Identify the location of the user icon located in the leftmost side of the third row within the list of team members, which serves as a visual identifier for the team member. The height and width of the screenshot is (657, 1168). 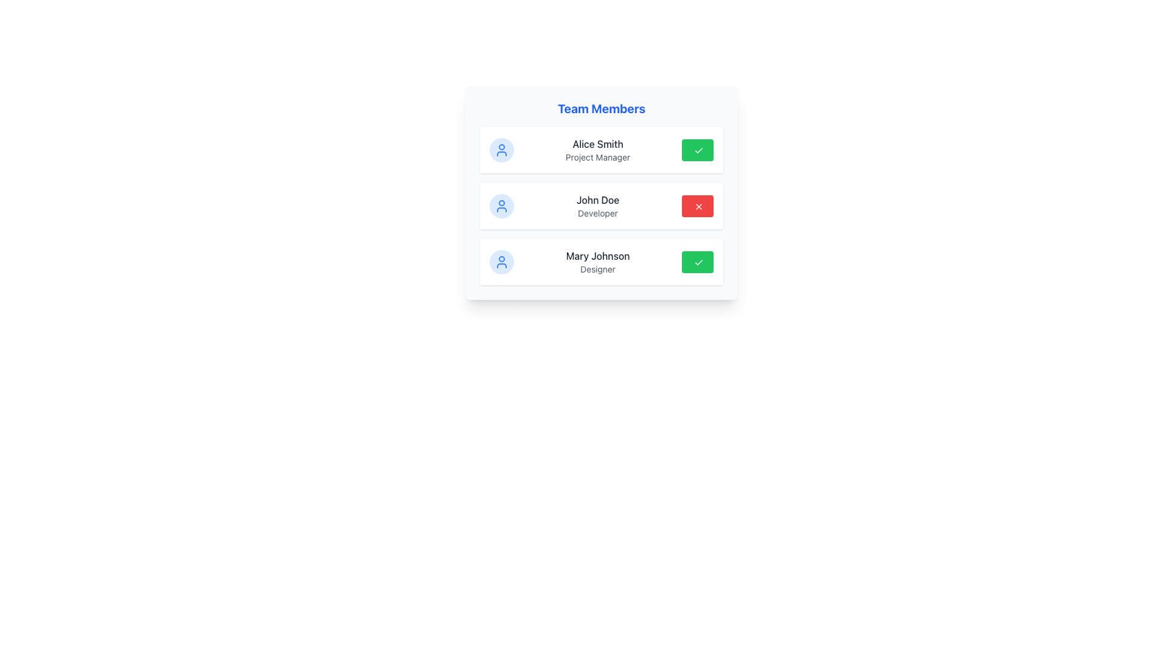
(502, 262).